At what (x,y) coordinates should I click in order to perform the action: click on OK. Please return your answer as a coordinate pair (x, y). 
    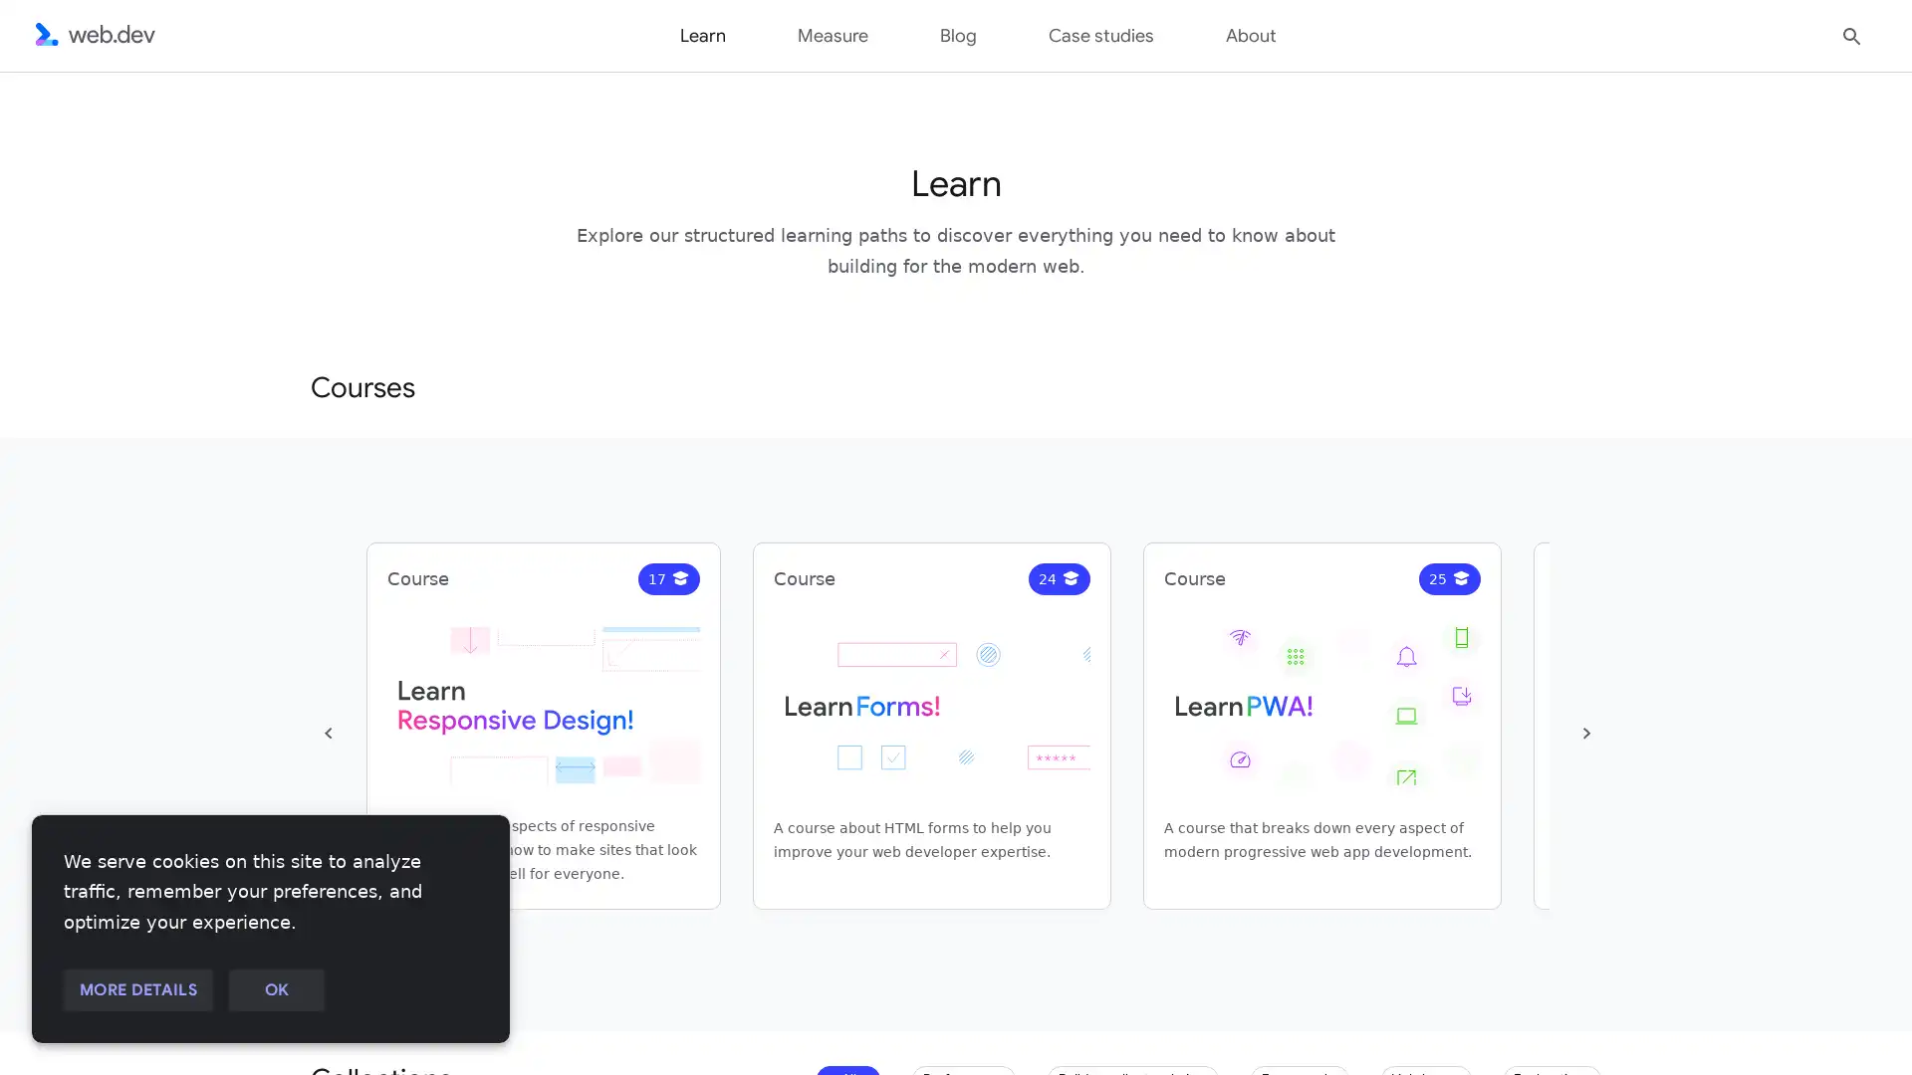
    Looking at the image, I should click on (275, 990).